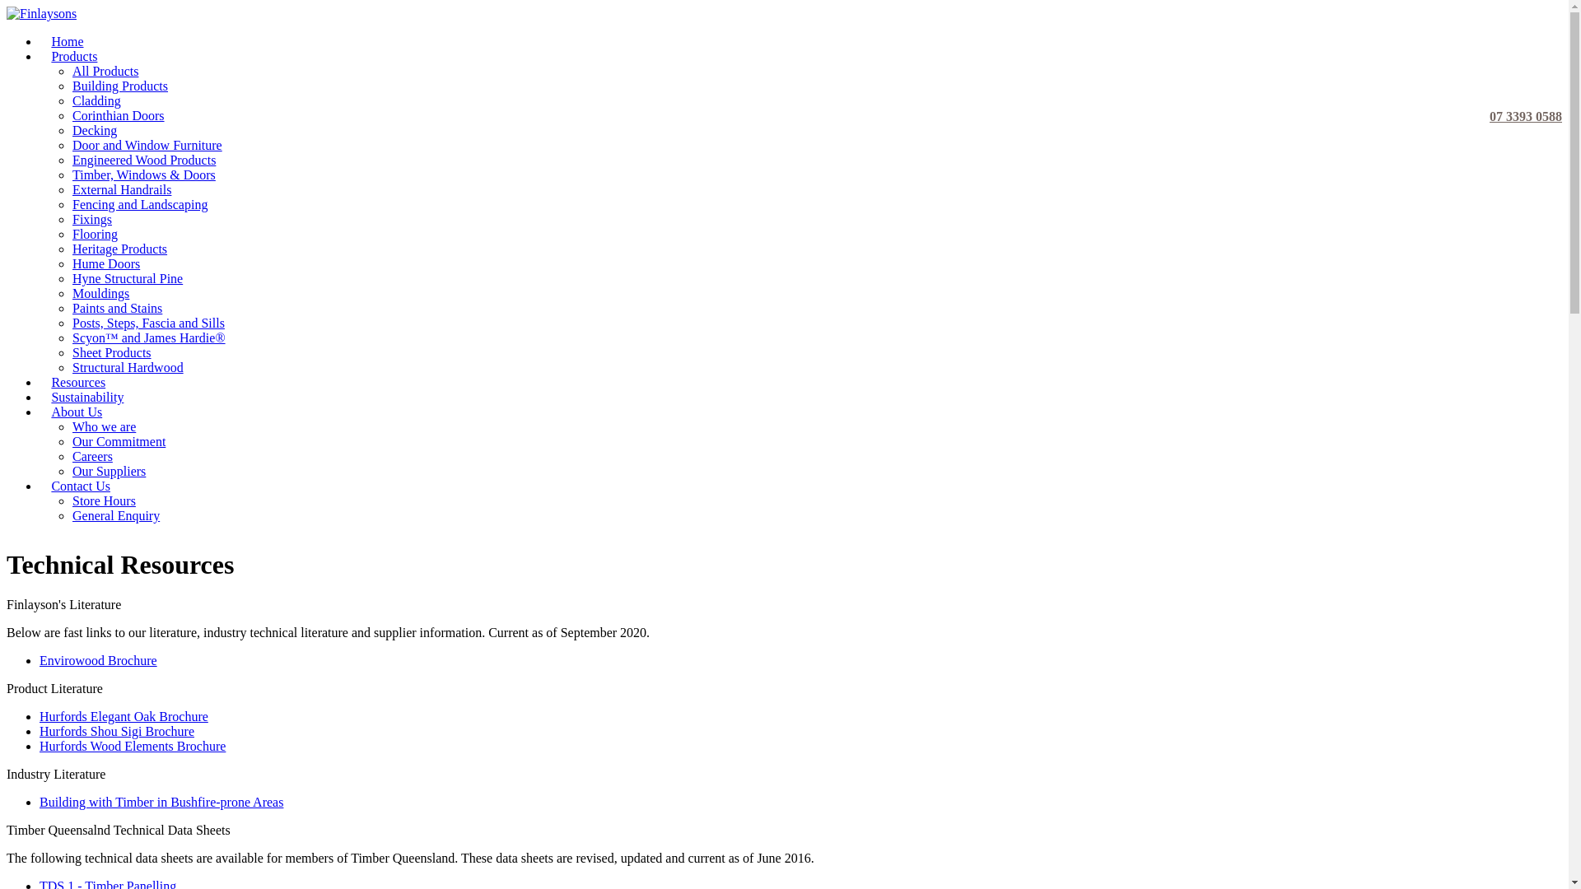  I want to click on 'Hurfords Wood Elements Brochure', so click(133, 746).